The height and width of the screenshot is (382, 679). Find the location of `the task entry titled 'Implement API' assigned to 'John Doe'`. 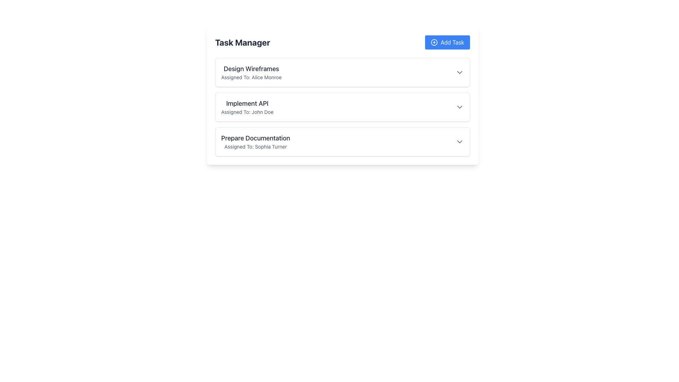

the task entry titled 'Implement API' assigned to 'John Doe' is located at coordinates (247, 107).